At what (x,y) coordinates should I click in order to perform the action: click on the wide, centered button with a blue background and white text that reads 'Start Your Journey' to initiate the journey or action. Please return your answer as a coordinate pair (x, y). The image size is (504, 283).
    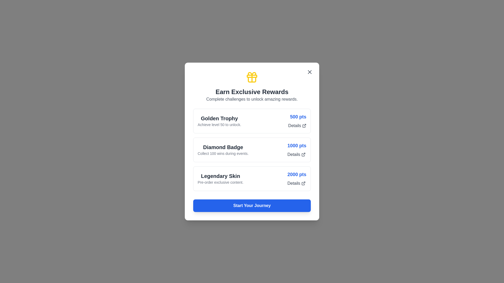
    Looking at the image, I should click on (252, 205).